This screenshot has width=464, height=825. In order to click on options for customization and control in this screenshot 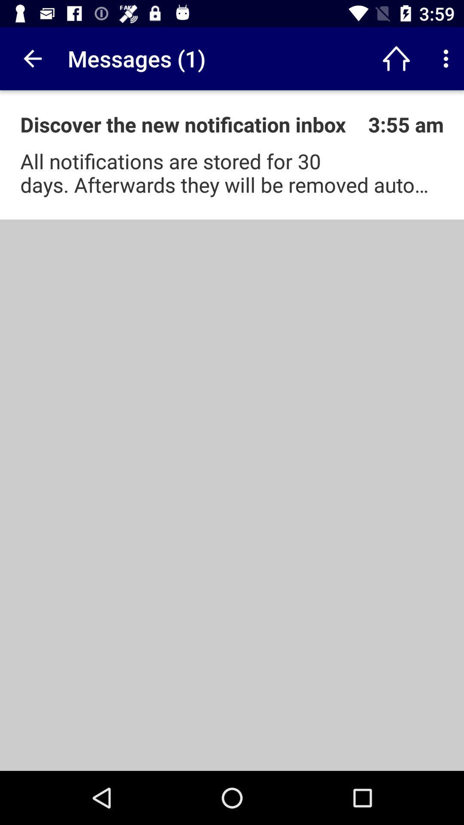, I will do `click(445, 58)`.